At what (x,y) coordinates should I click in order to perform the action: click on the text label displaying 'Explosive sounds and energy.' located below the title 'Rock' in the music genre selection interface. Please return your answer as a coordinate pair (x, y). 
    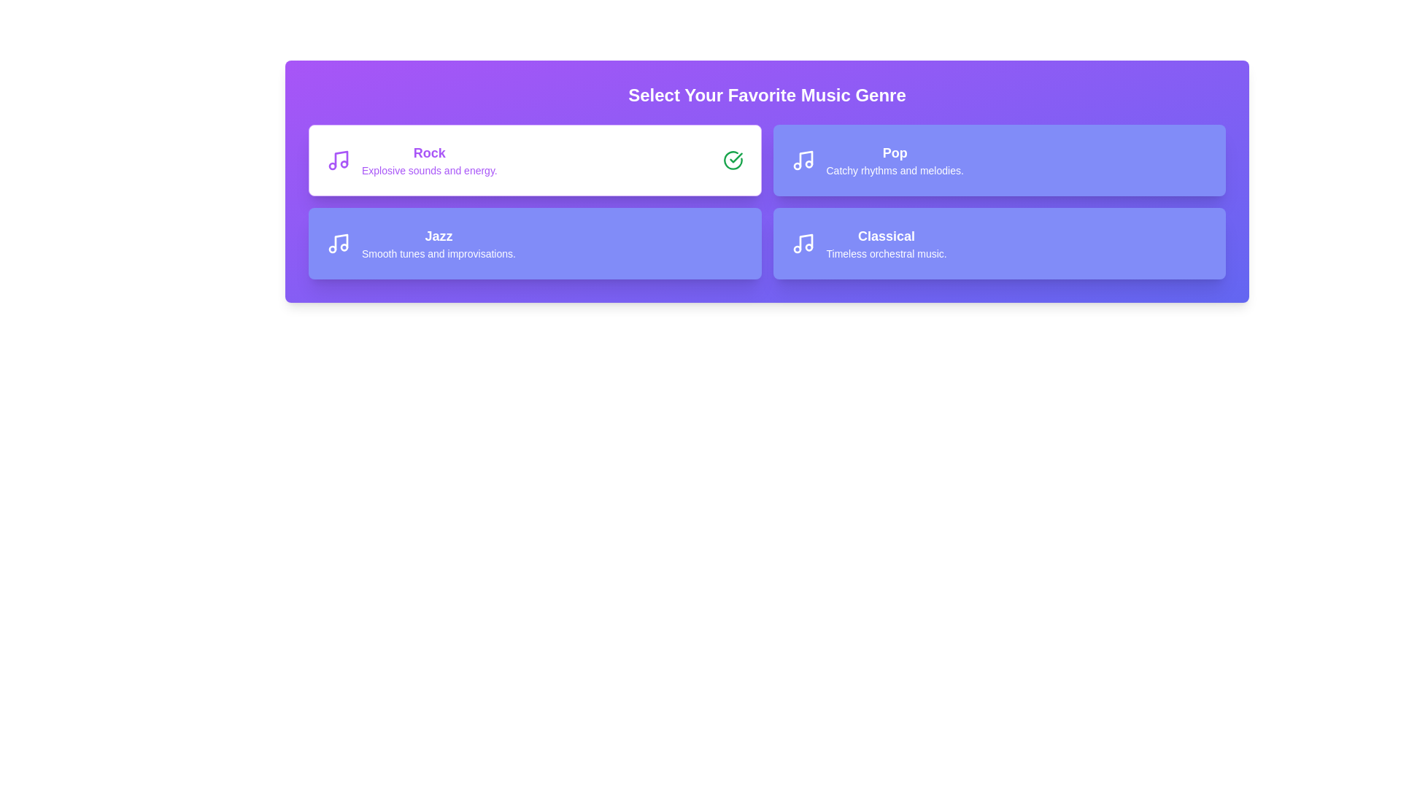
    Looking at the image, I should click on (428, 170).